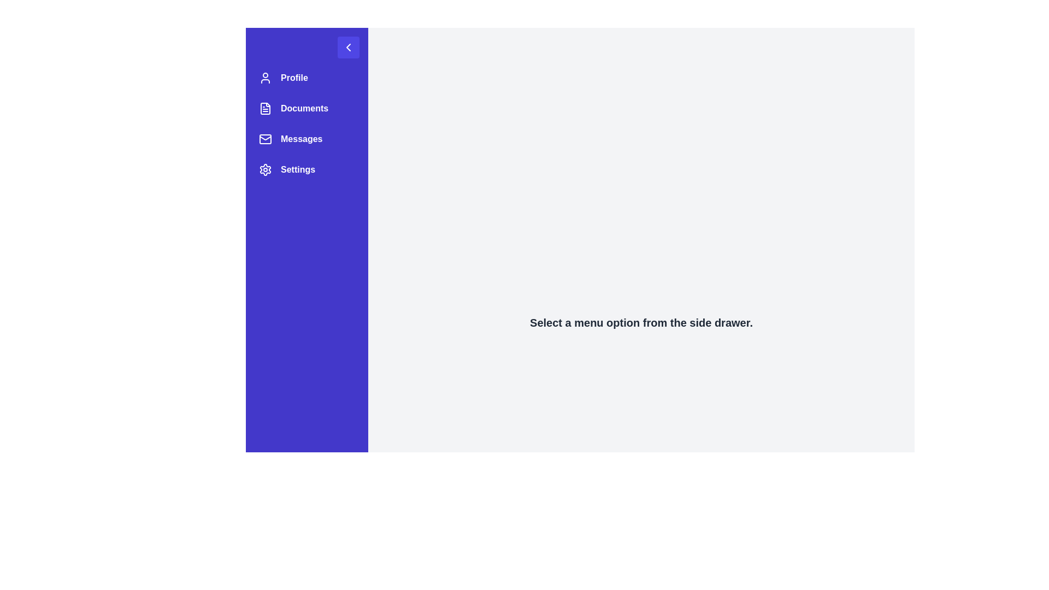 The image size is (1049, 590). Describe the element at coordinates (348, 47) in the screenshot. I see `the left-facing chevron arrow icon button with a bold white stroke on a dark purple background` at that location.